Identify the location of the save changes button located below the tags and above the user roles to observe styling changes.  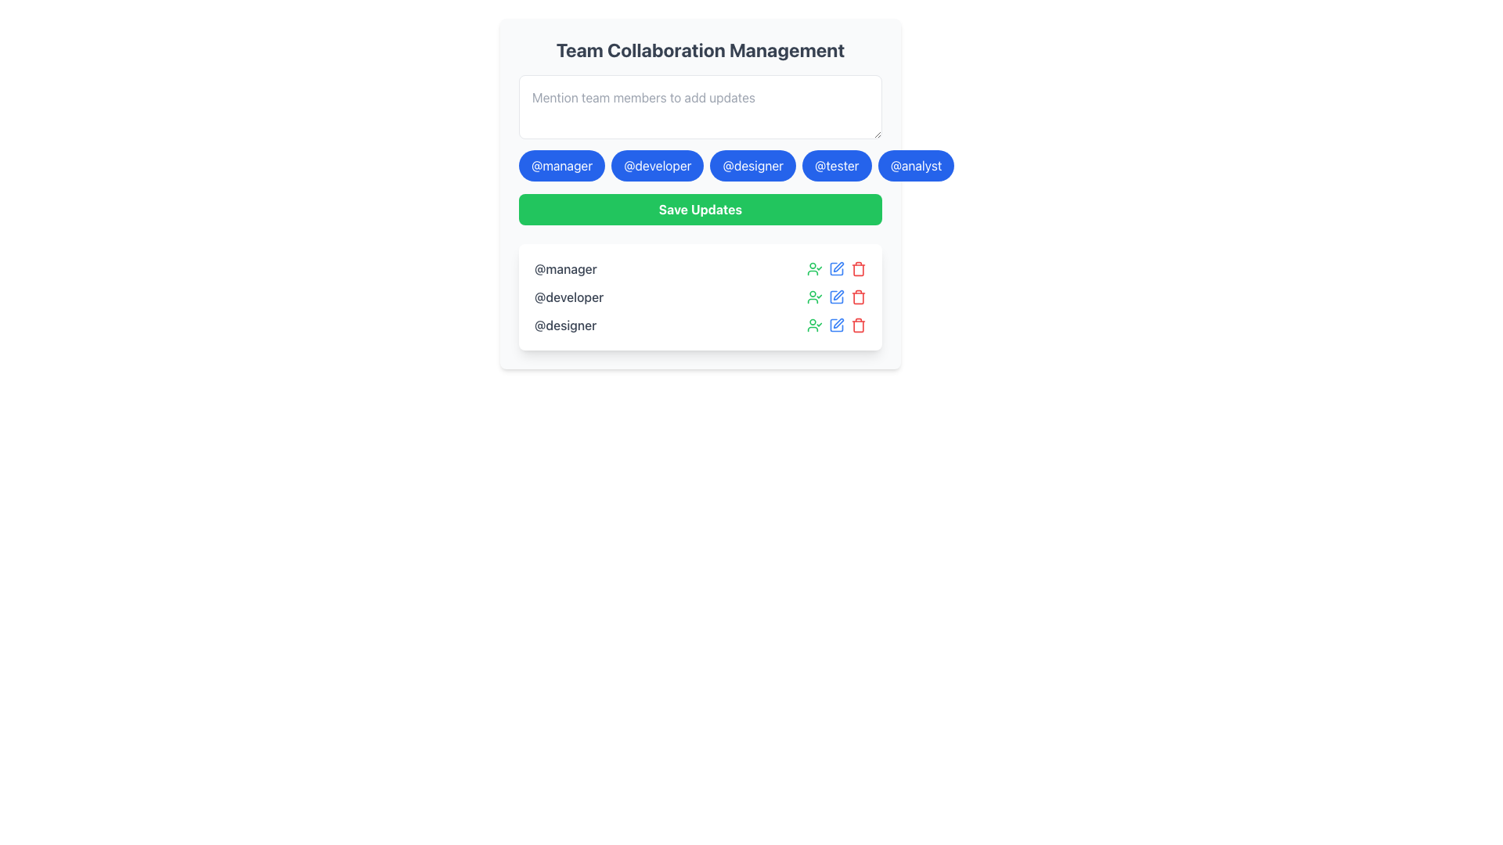
(699, 208).